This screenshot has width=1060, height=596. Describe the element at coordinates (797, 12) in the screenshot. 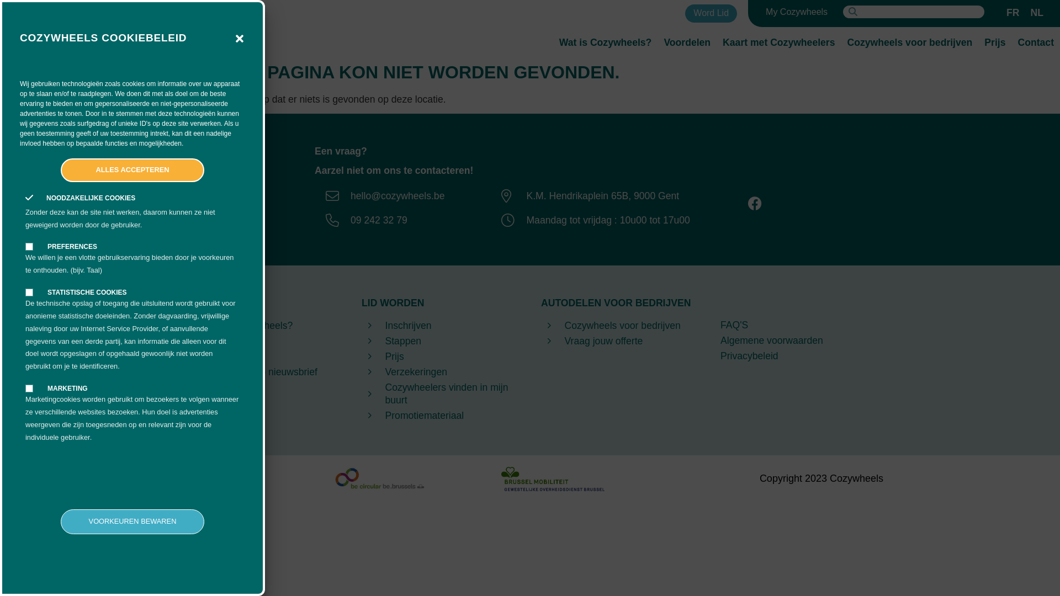

I see `'My Cozywheels'` at that location.